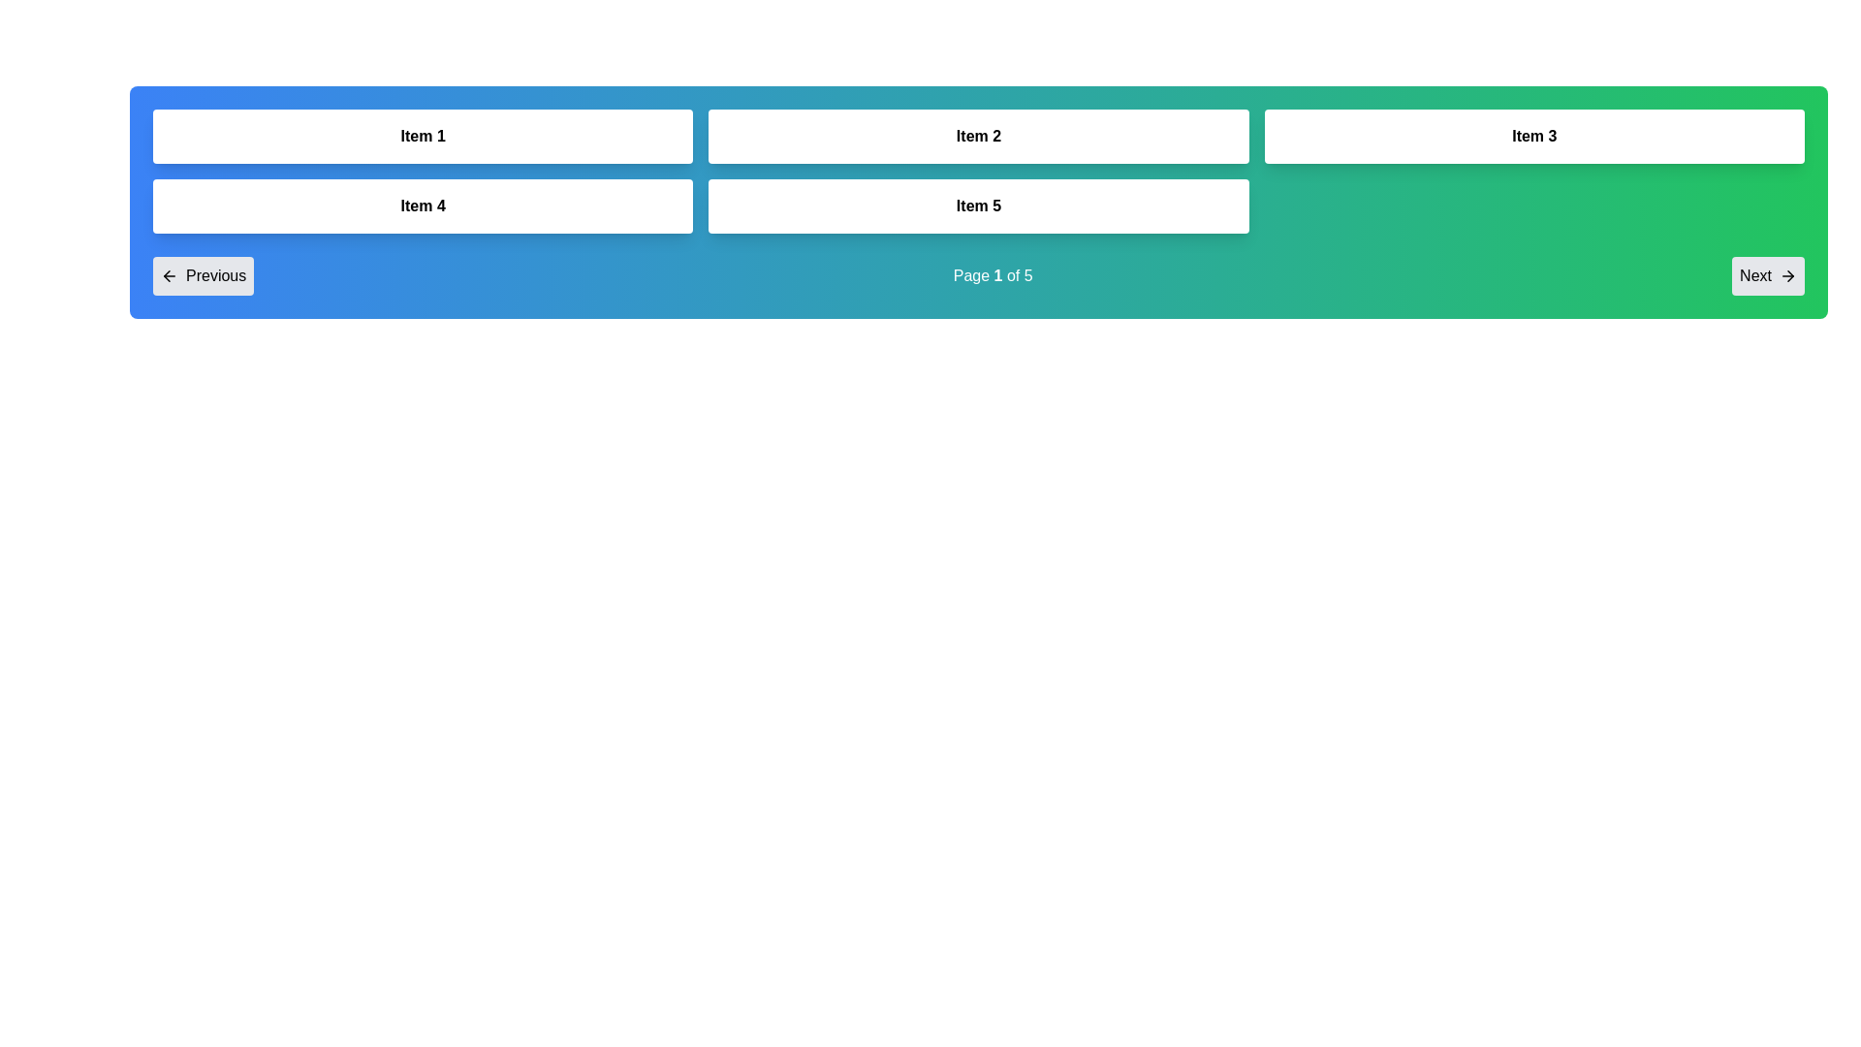  What do you see at coordinates (167, 276) in the screenshot?
I see `the left-pointing arrow icon located within the 'Previous' button at the bottom left corner of the page` at bounding box center [167, 276].